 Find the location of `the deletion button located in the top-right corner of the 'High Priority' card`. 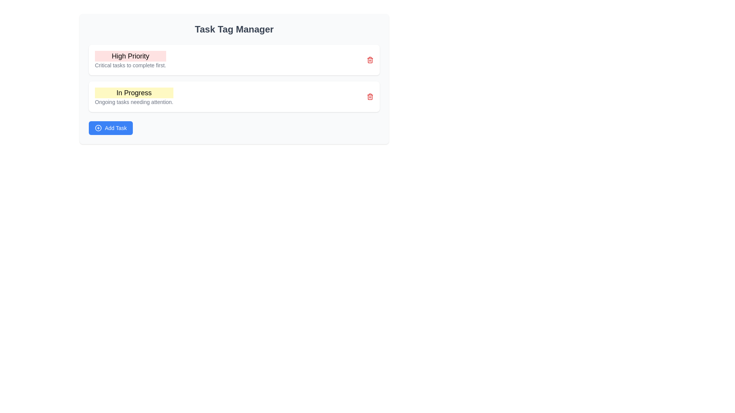

the deletion button located in the top-right corner of the 'High Priority' card is located at coordinates (370, 60).